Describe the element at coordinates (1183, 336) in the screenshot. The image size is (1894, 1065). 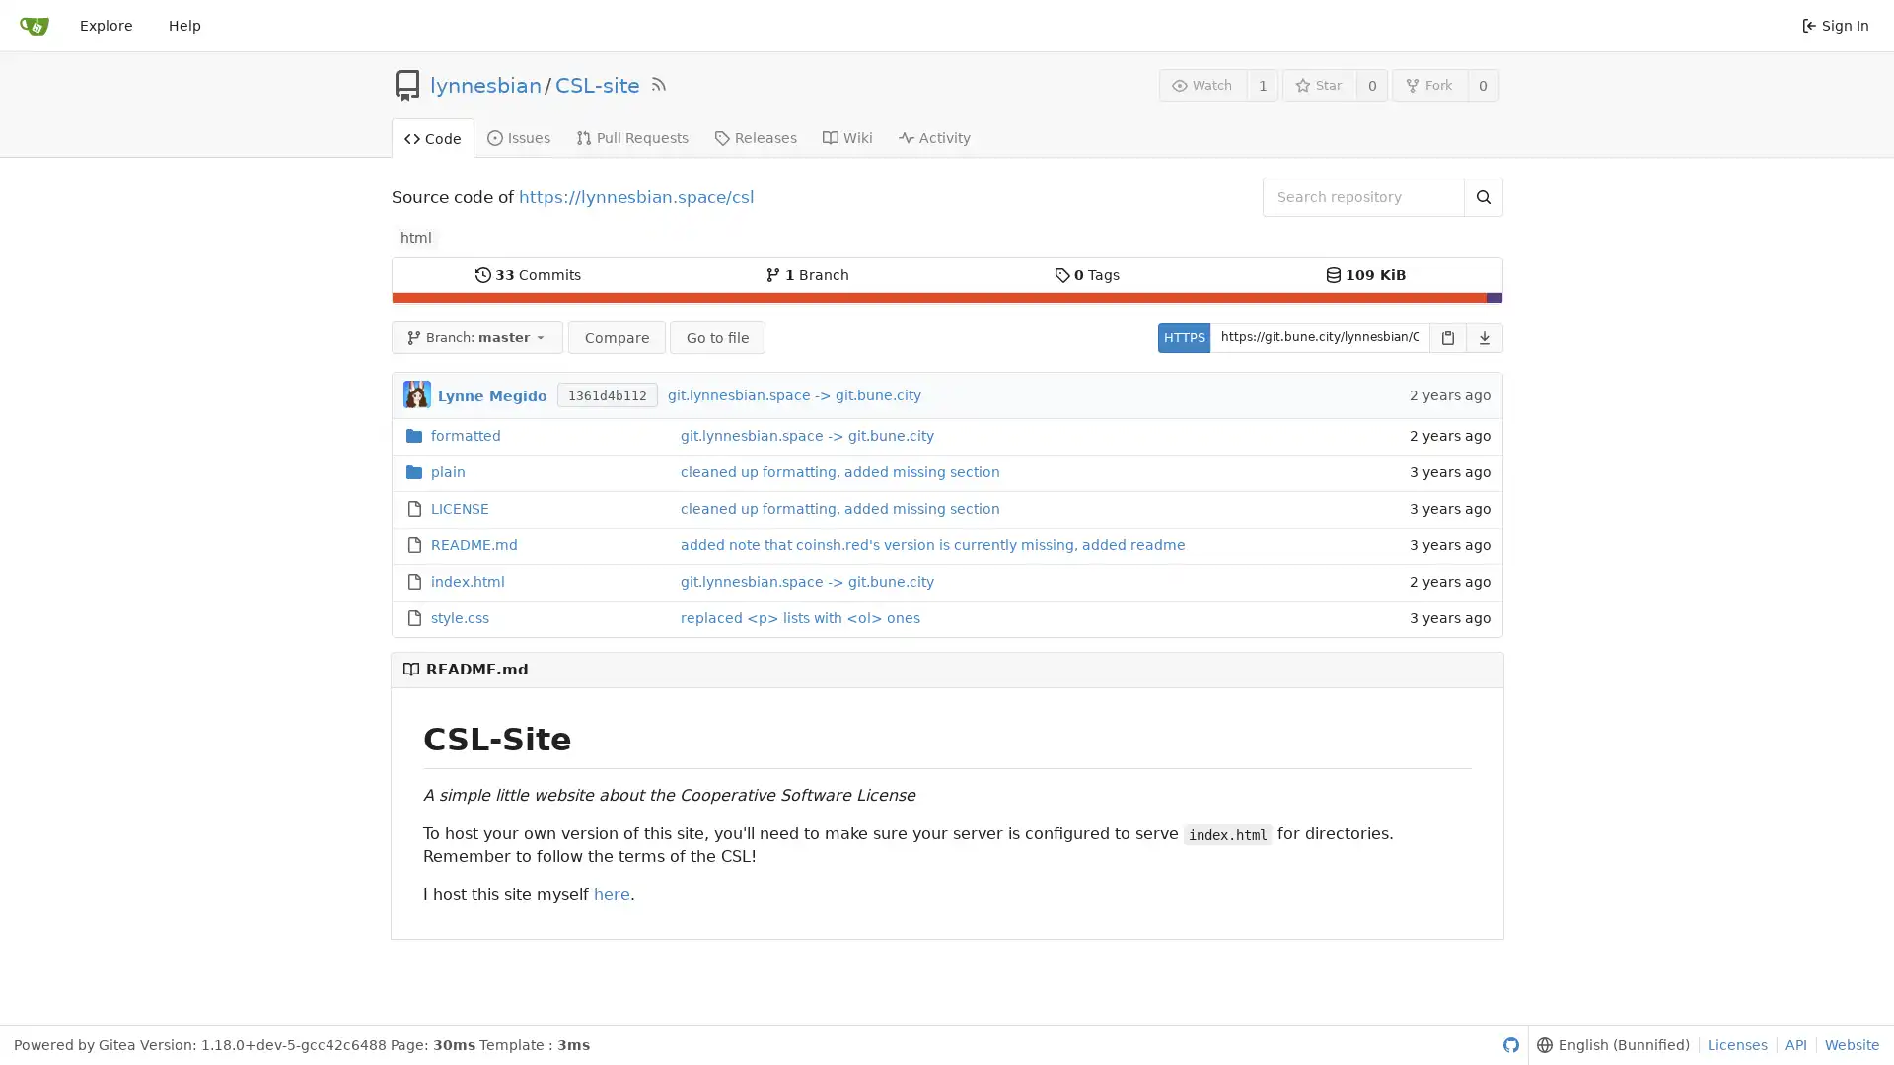
I see `HTTPS` at that location.